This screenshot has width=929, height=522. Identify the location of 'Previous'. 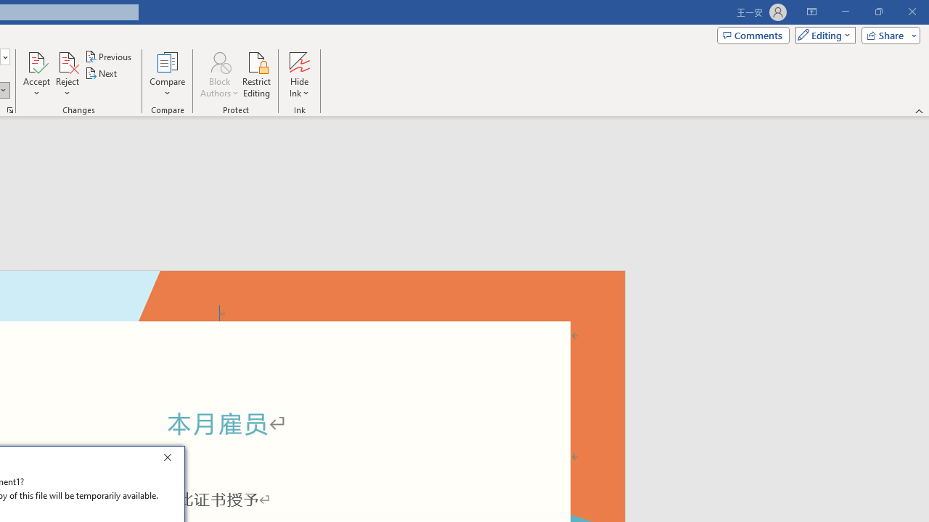
(109, 56).